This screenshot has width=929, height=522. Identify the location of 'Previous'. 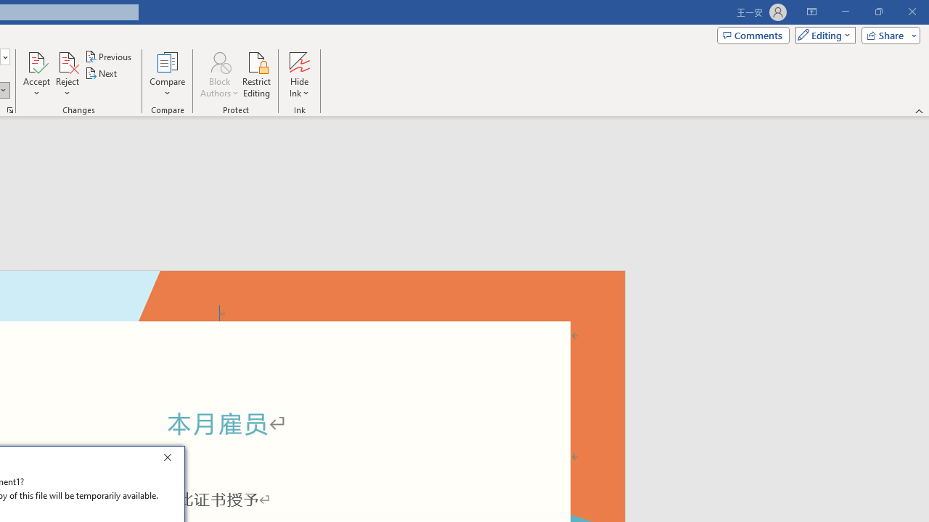
(109, 56).